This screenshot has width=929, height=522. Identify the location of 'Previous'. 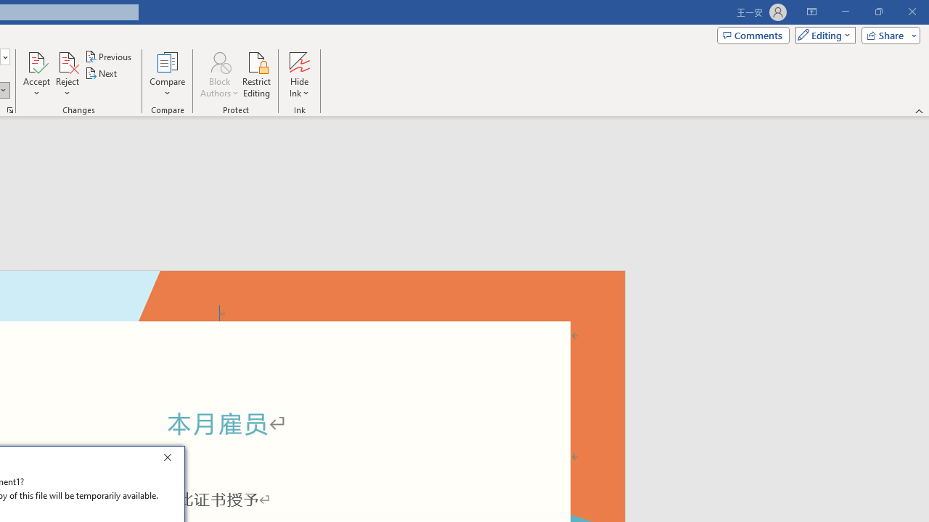
(109, 56).